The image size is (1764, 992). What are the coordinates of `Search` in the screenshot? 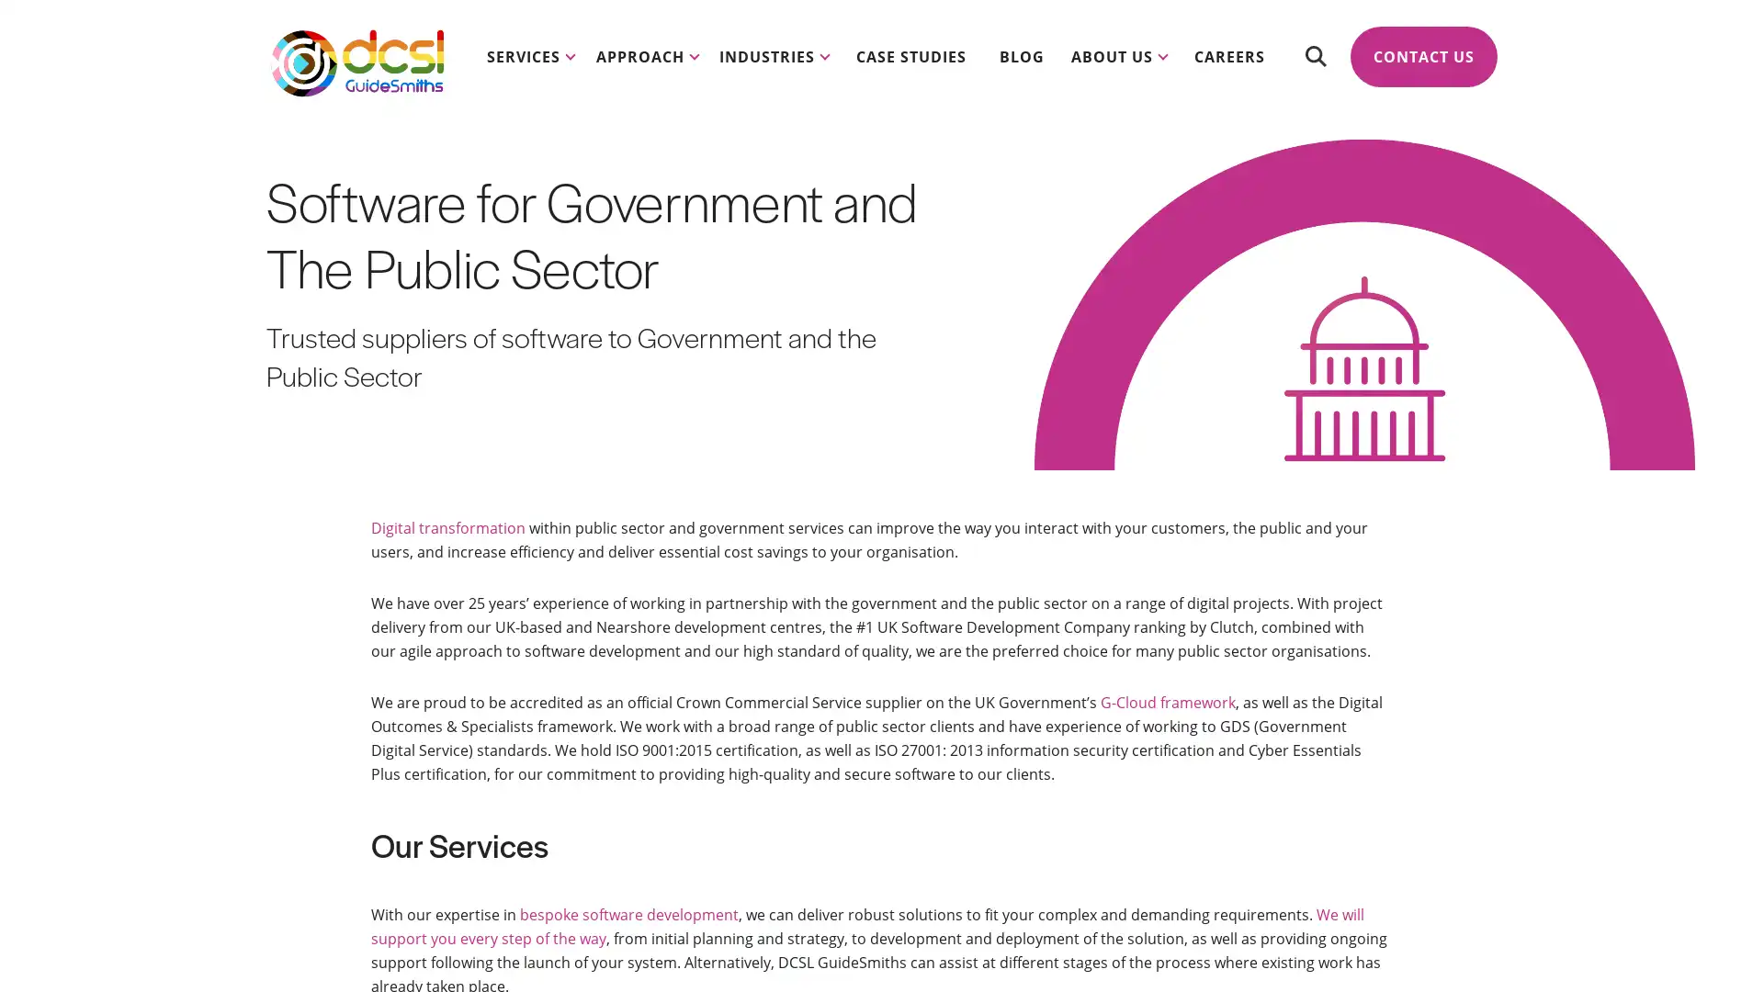 It's located at (1314, 55).